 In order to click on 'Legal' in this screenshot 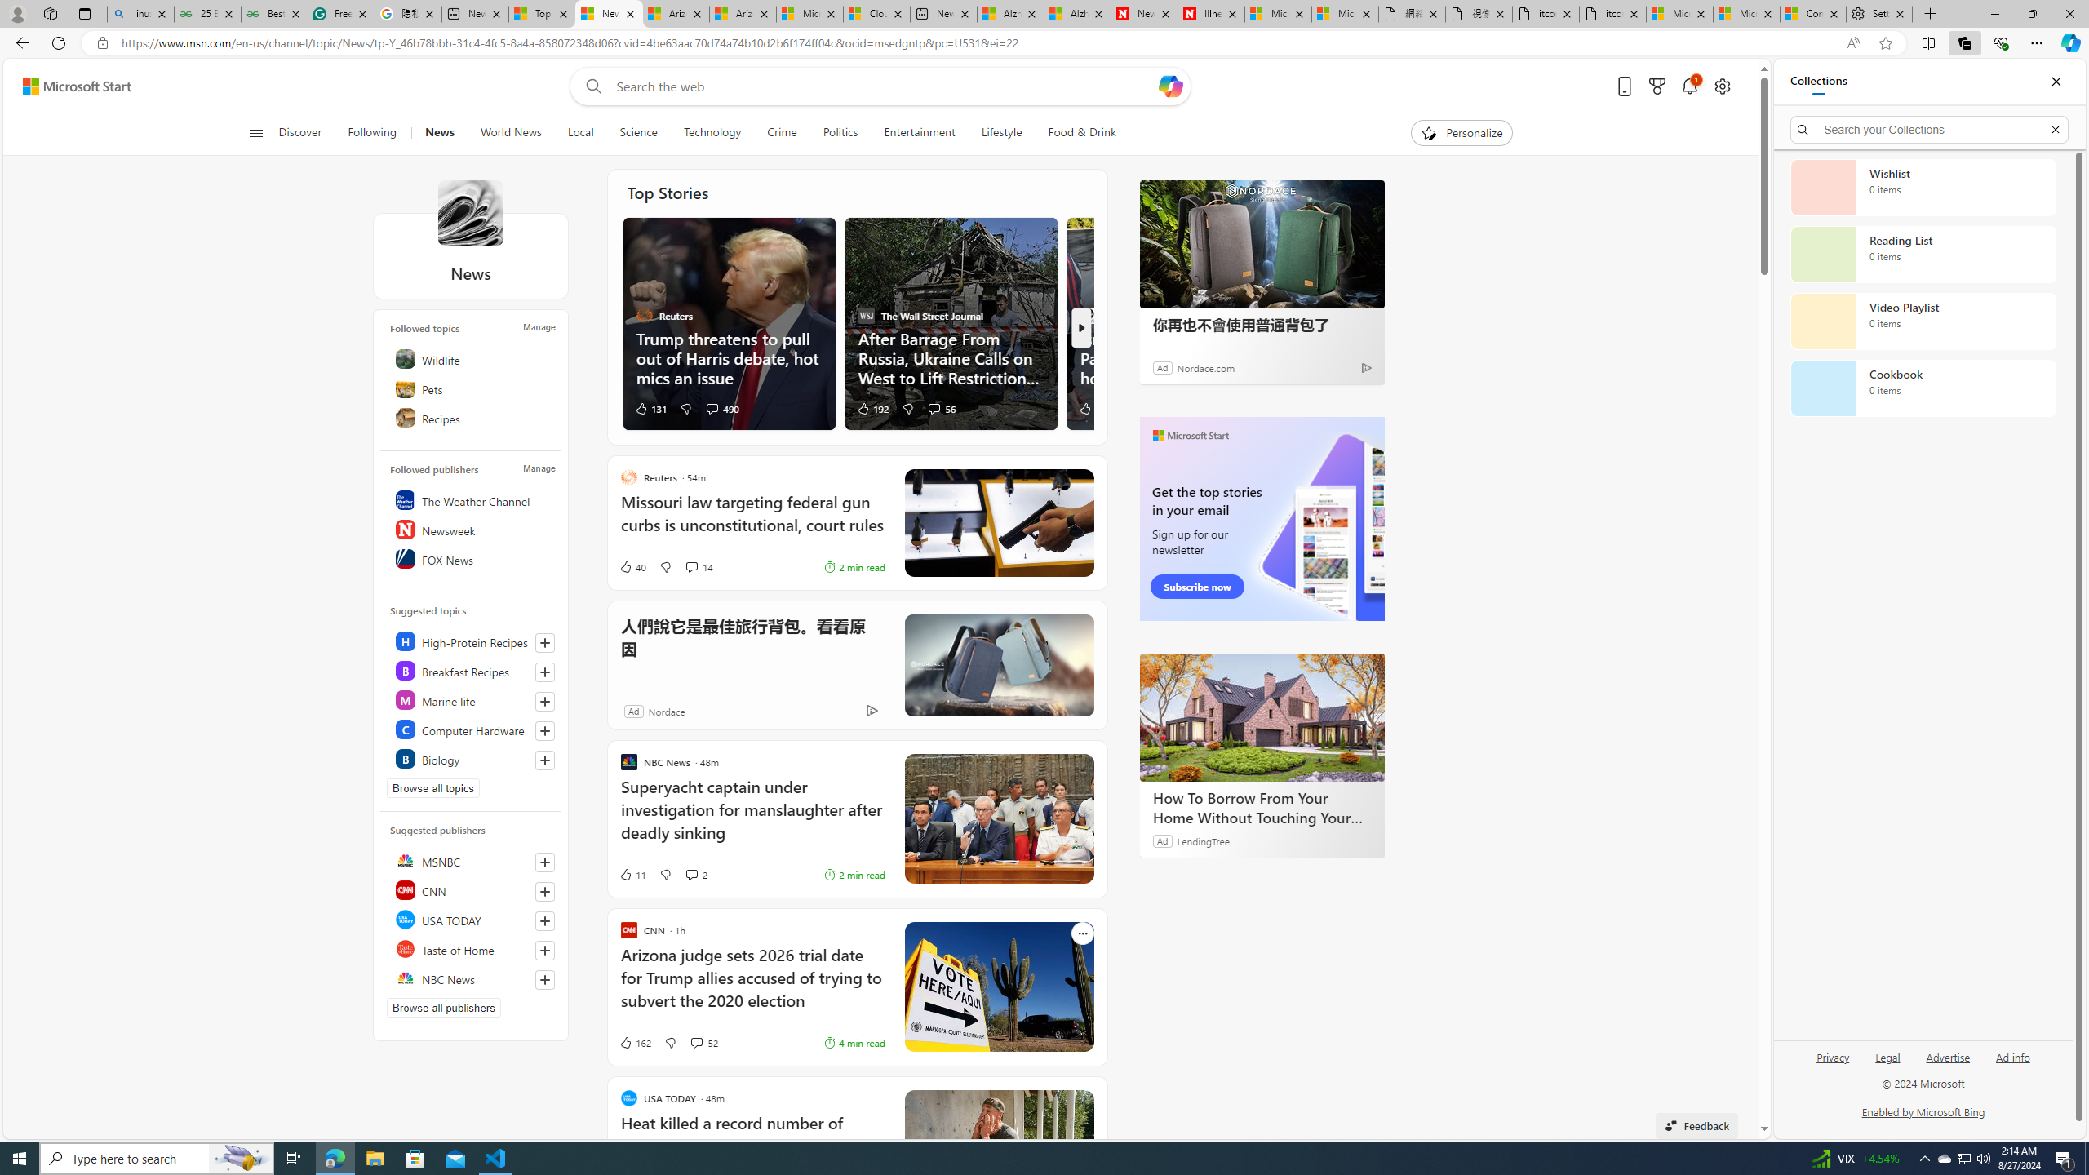, I will do `click(1888, 1056)`.